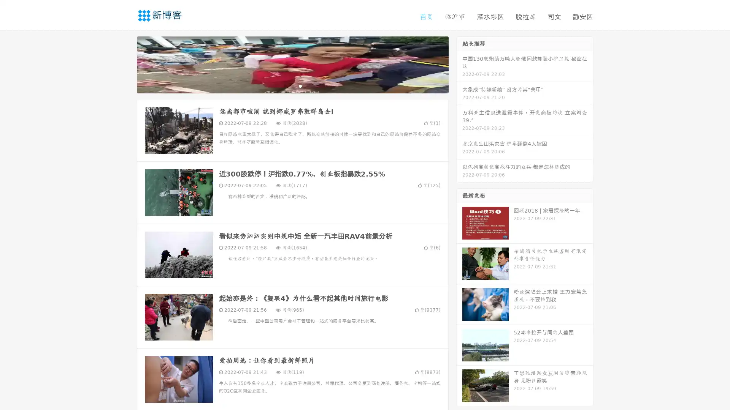 This screenshot has height=410, width=730. I want to click on Go to slide 1, so click(284, 85).